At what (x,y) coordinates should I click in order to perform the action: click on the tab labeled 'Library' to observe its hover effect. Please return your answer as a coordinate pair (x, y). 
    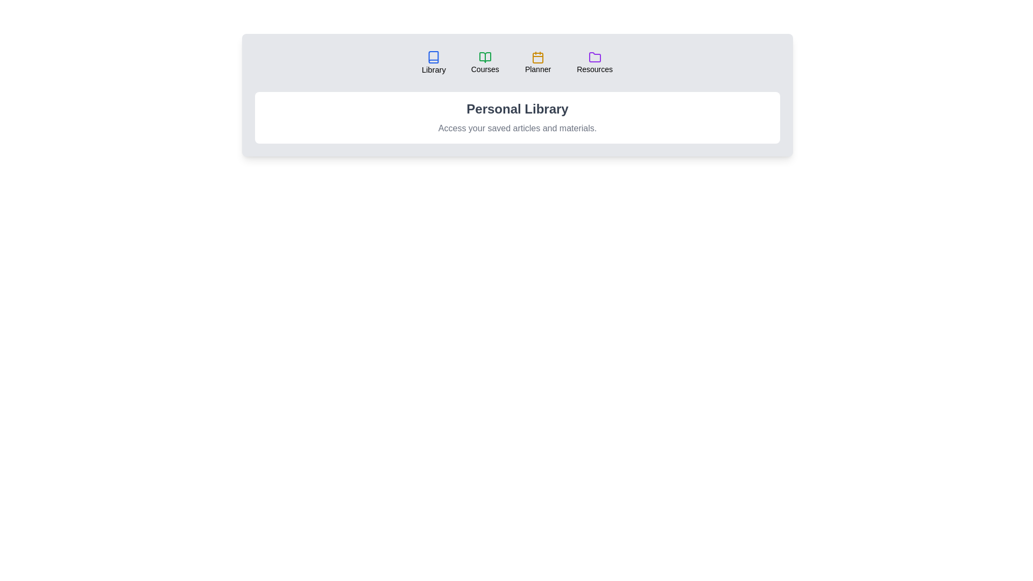
    Looking at the image, I should click on (434, 62).